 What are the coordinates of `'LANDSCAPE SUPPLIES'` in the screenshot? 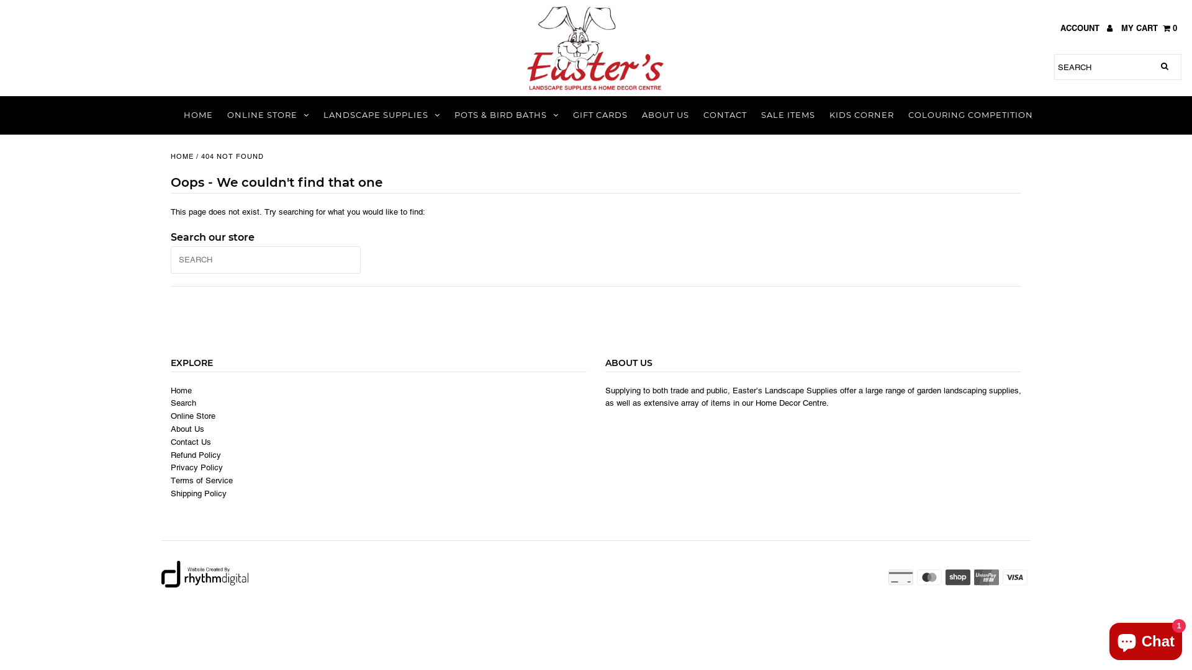 It's located at (381, 115).